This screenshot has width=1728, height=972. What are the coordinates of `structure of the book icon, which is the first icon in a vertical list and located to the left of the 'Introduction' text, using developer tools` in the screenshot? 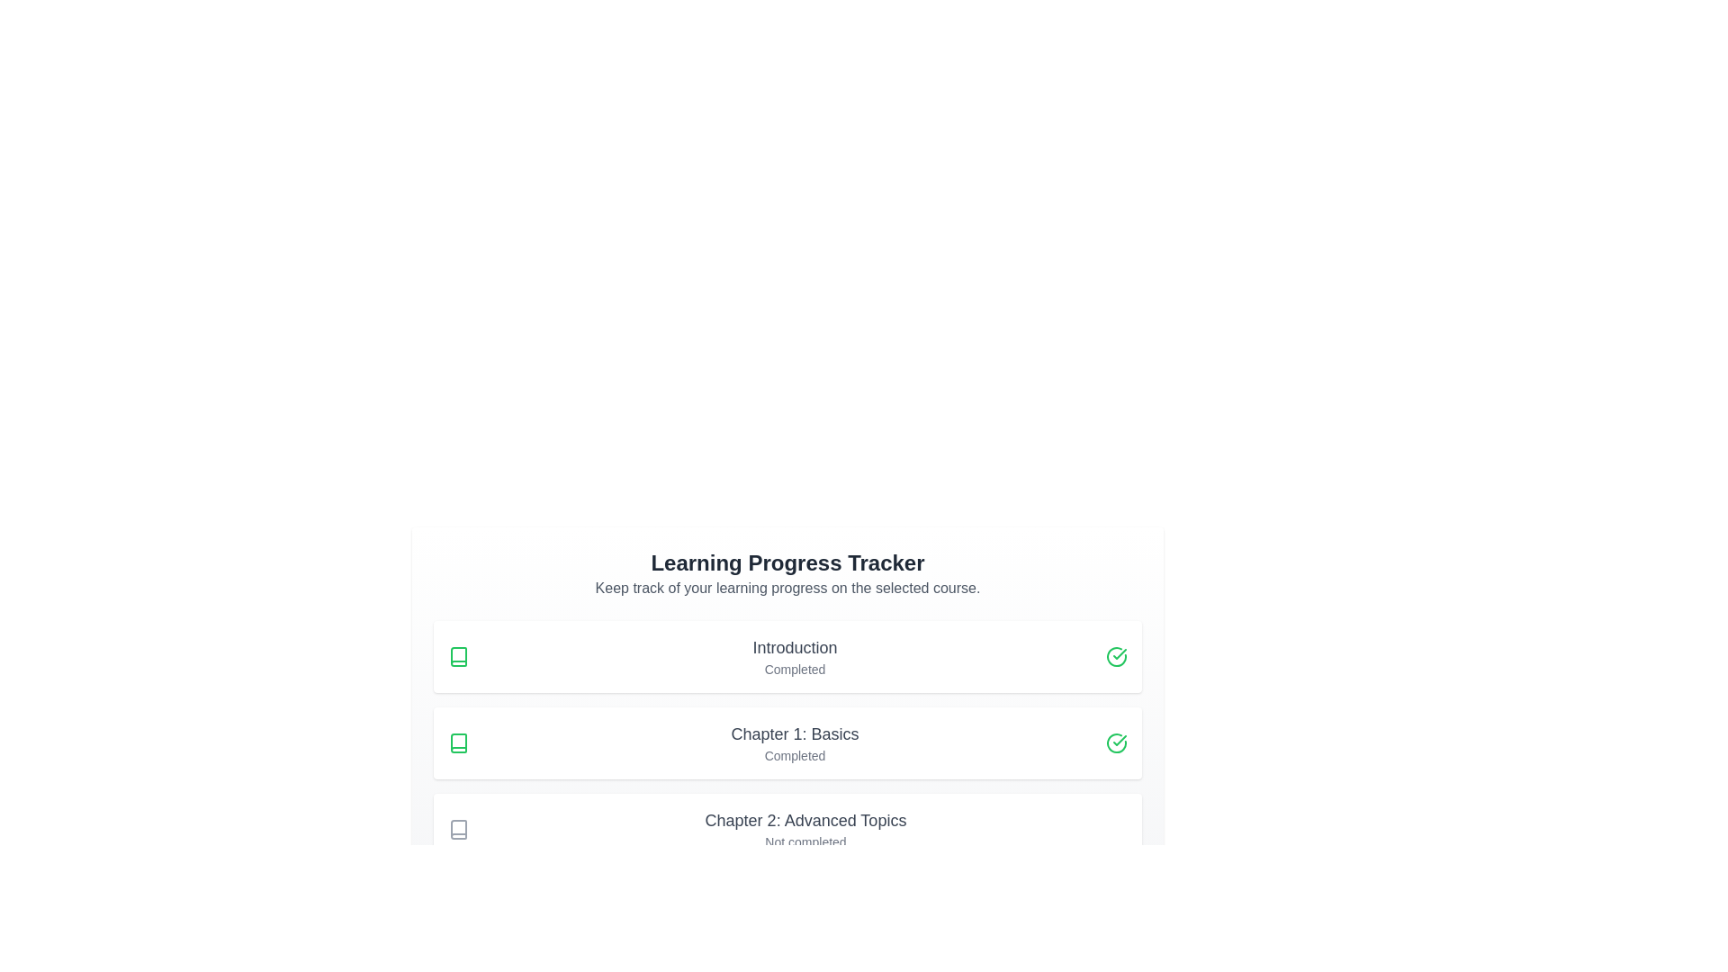 It's located at (458, 656).